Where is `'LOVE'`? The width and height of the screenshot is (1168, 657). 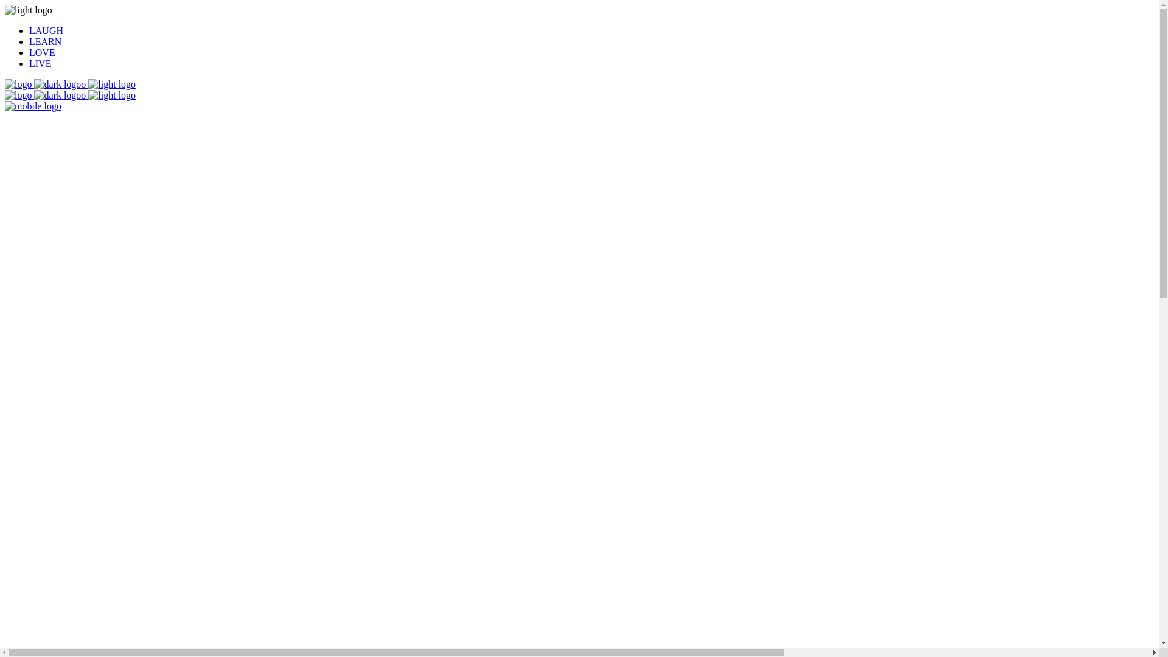
'LOVE' is located at coordinates (42, 52).